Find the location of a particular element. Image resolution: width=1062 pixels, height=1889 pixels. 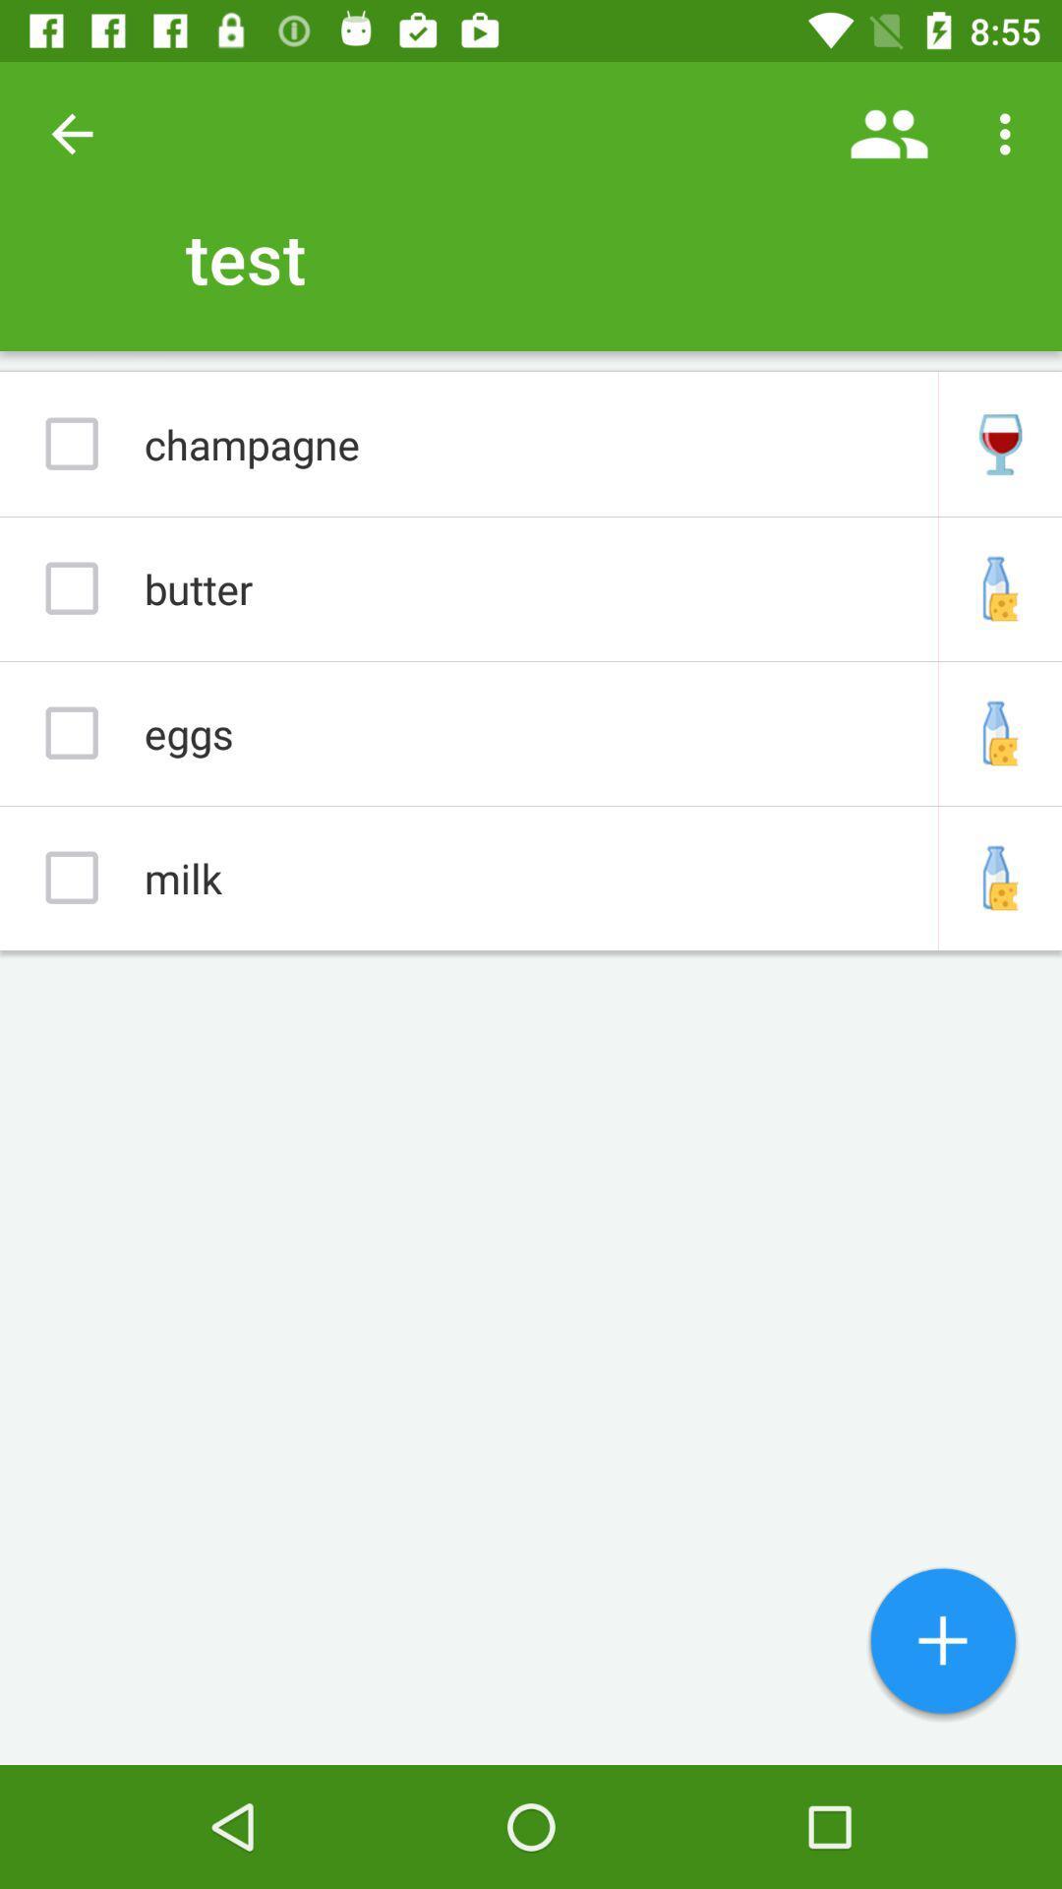

the symbol which is above test is located at coordinates (889, 134).